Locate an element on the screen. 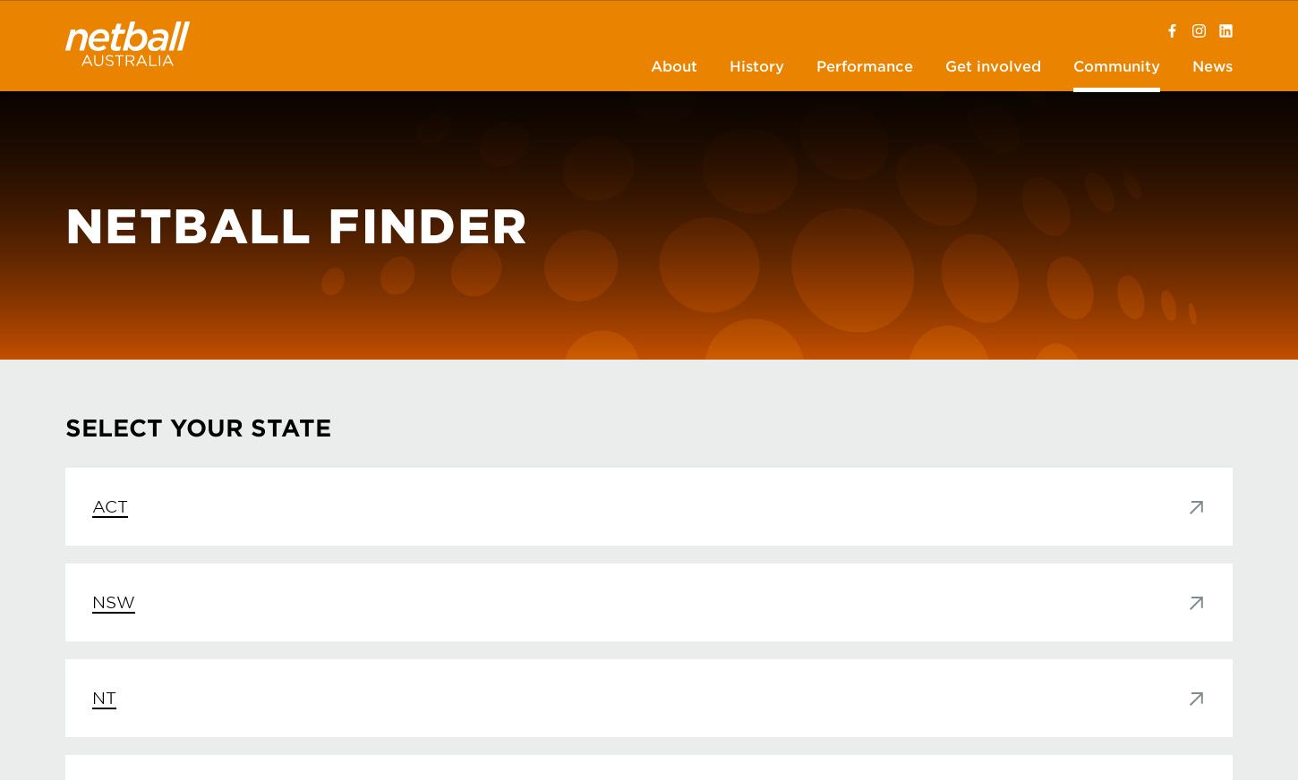  'Annual Reports' is located at coordinates (416, 338).